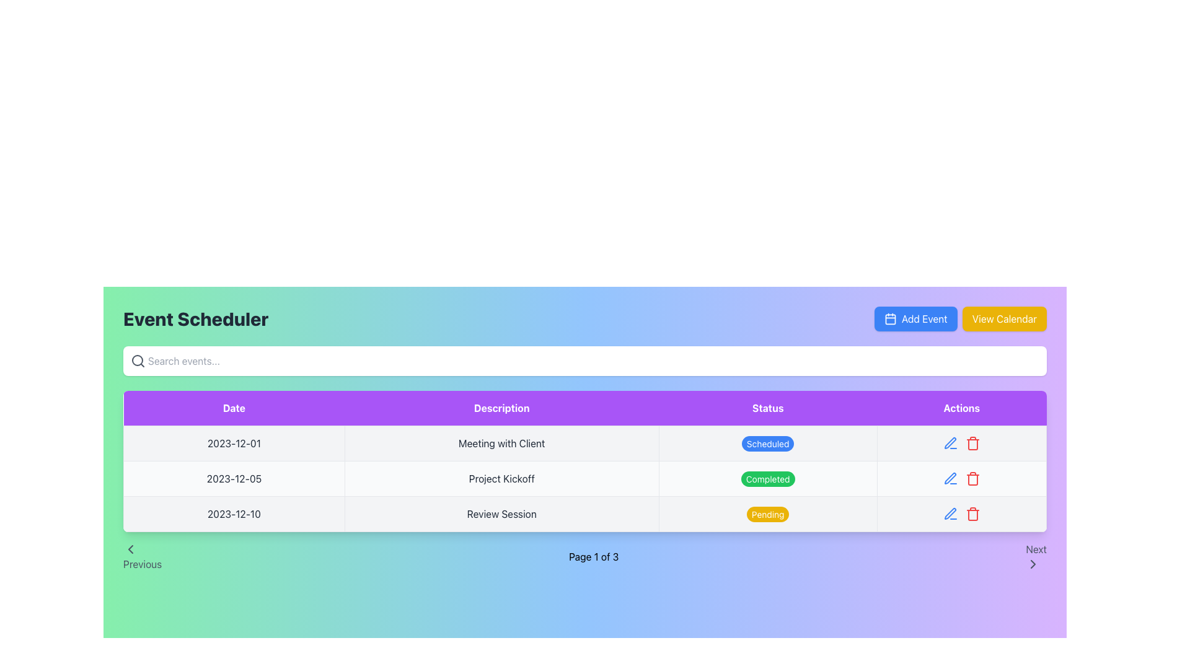 The image size is (1190, 669). I want to click on the static text field displaying the event description for the date '2023-12-10' in the 'Event Scheduler' interface, so click(501, 514).